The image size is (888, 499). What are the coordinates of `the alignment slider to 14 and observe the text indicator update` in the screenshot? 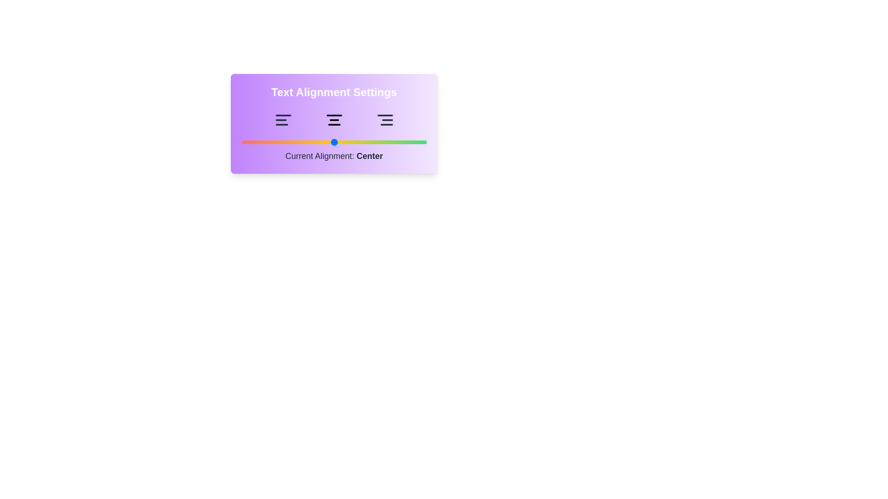 It's located at (267, 142).